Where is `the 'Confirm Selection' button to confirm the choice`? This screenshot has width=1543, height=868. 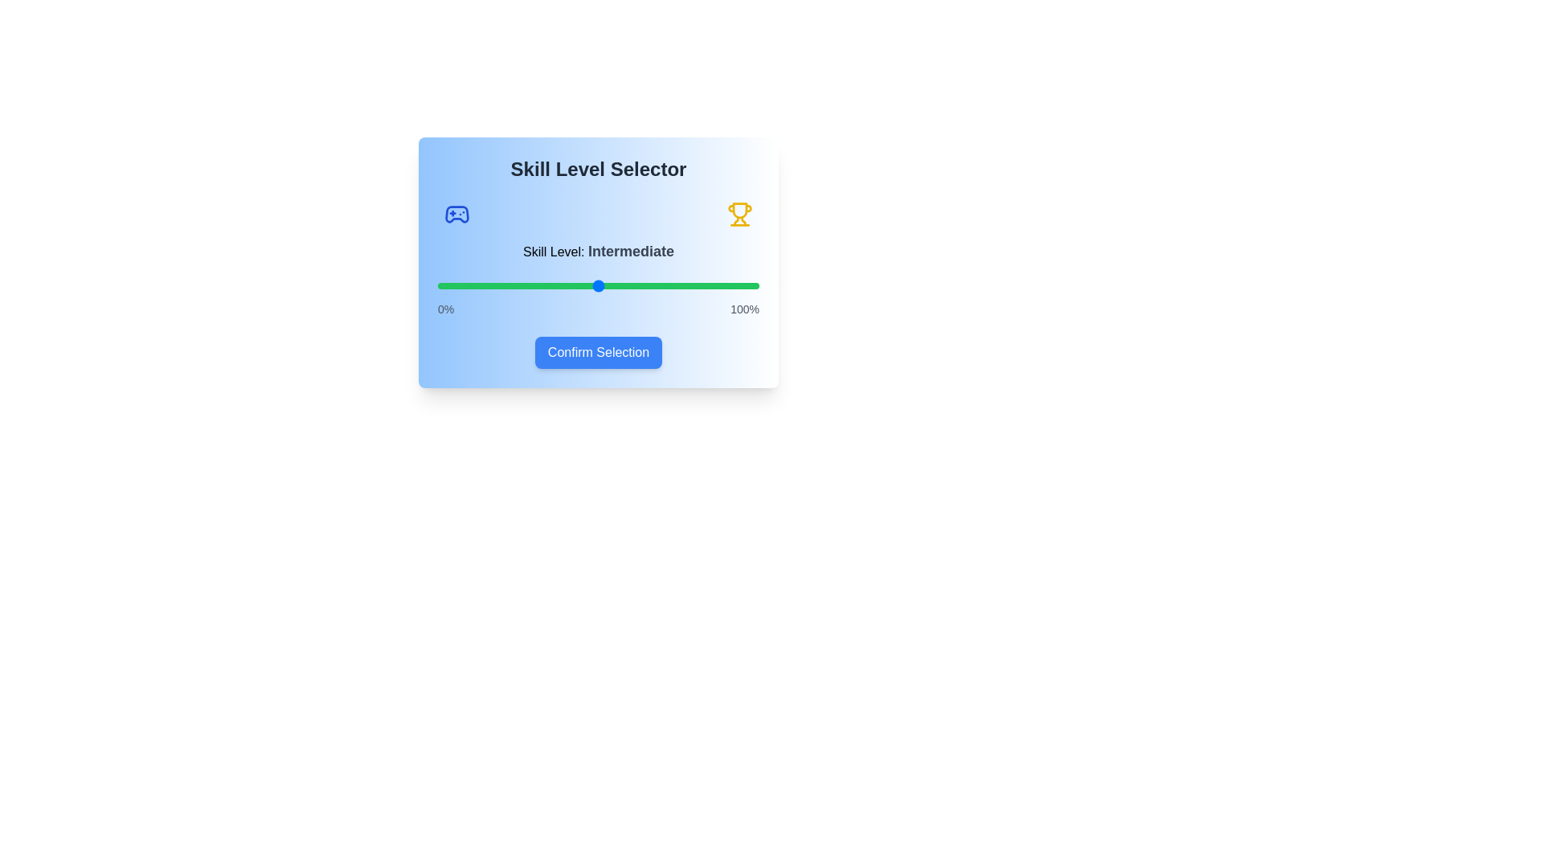
the 'Confirm Selection' button to confirm the choice is located at coordinates (597, 352).